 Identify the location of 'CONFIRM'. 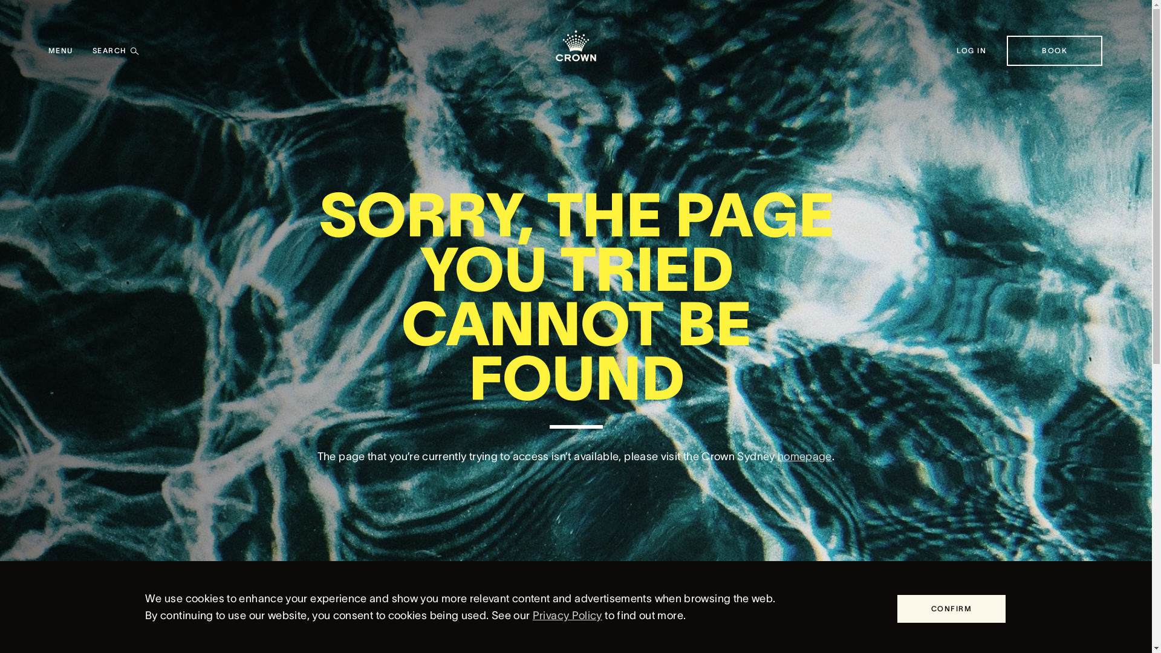
(951, 608).